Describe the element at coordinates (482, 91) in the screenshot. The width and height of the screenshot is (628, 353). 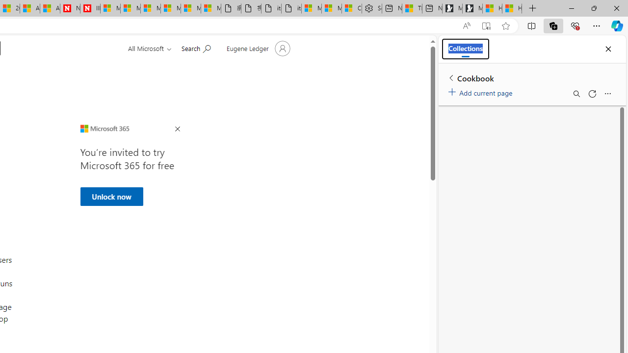
I see `'Add current page'` at that location.